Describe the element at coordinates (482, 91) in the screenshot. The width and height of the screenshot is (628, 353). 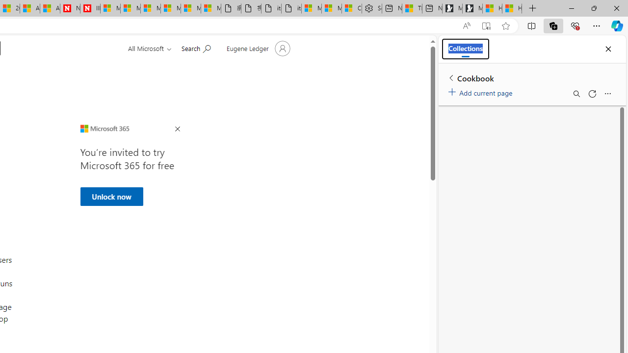
I see `'Add current page'` at that location.